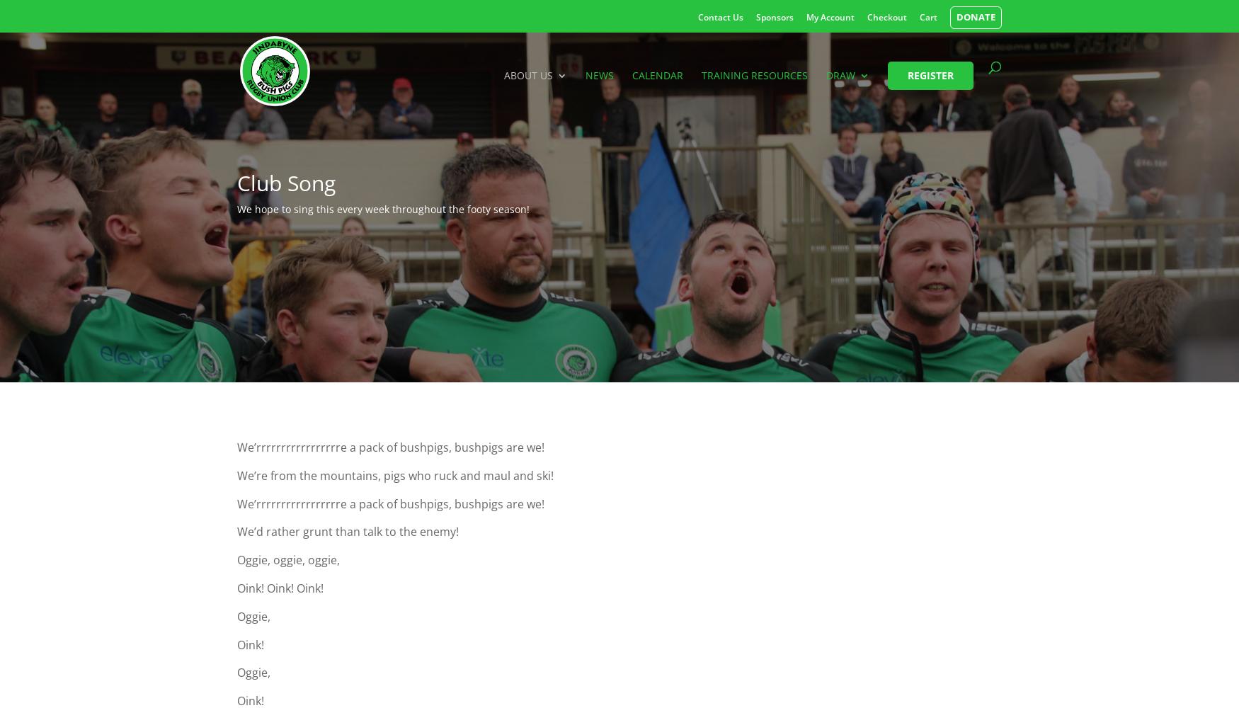  What do you see at coordinates (528, 74) in the screenshot?
I see `'About Us'` at bounding box center [528, 74].